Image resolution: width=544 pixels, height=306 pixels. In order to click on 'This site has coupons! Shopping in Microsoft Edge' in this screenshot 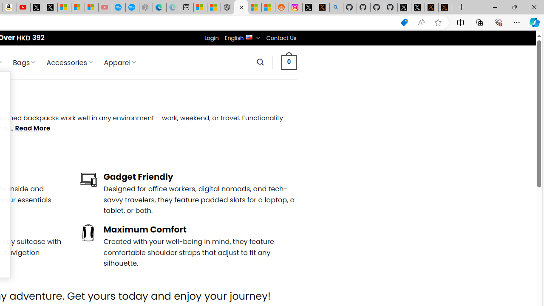, I will do `click(404, 22)`.